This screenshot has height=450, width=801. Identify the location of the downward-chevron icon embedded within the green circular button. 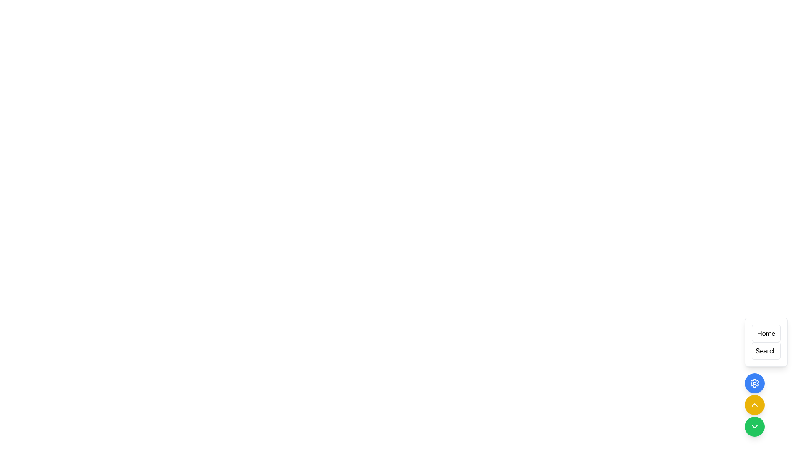
(755, 426).